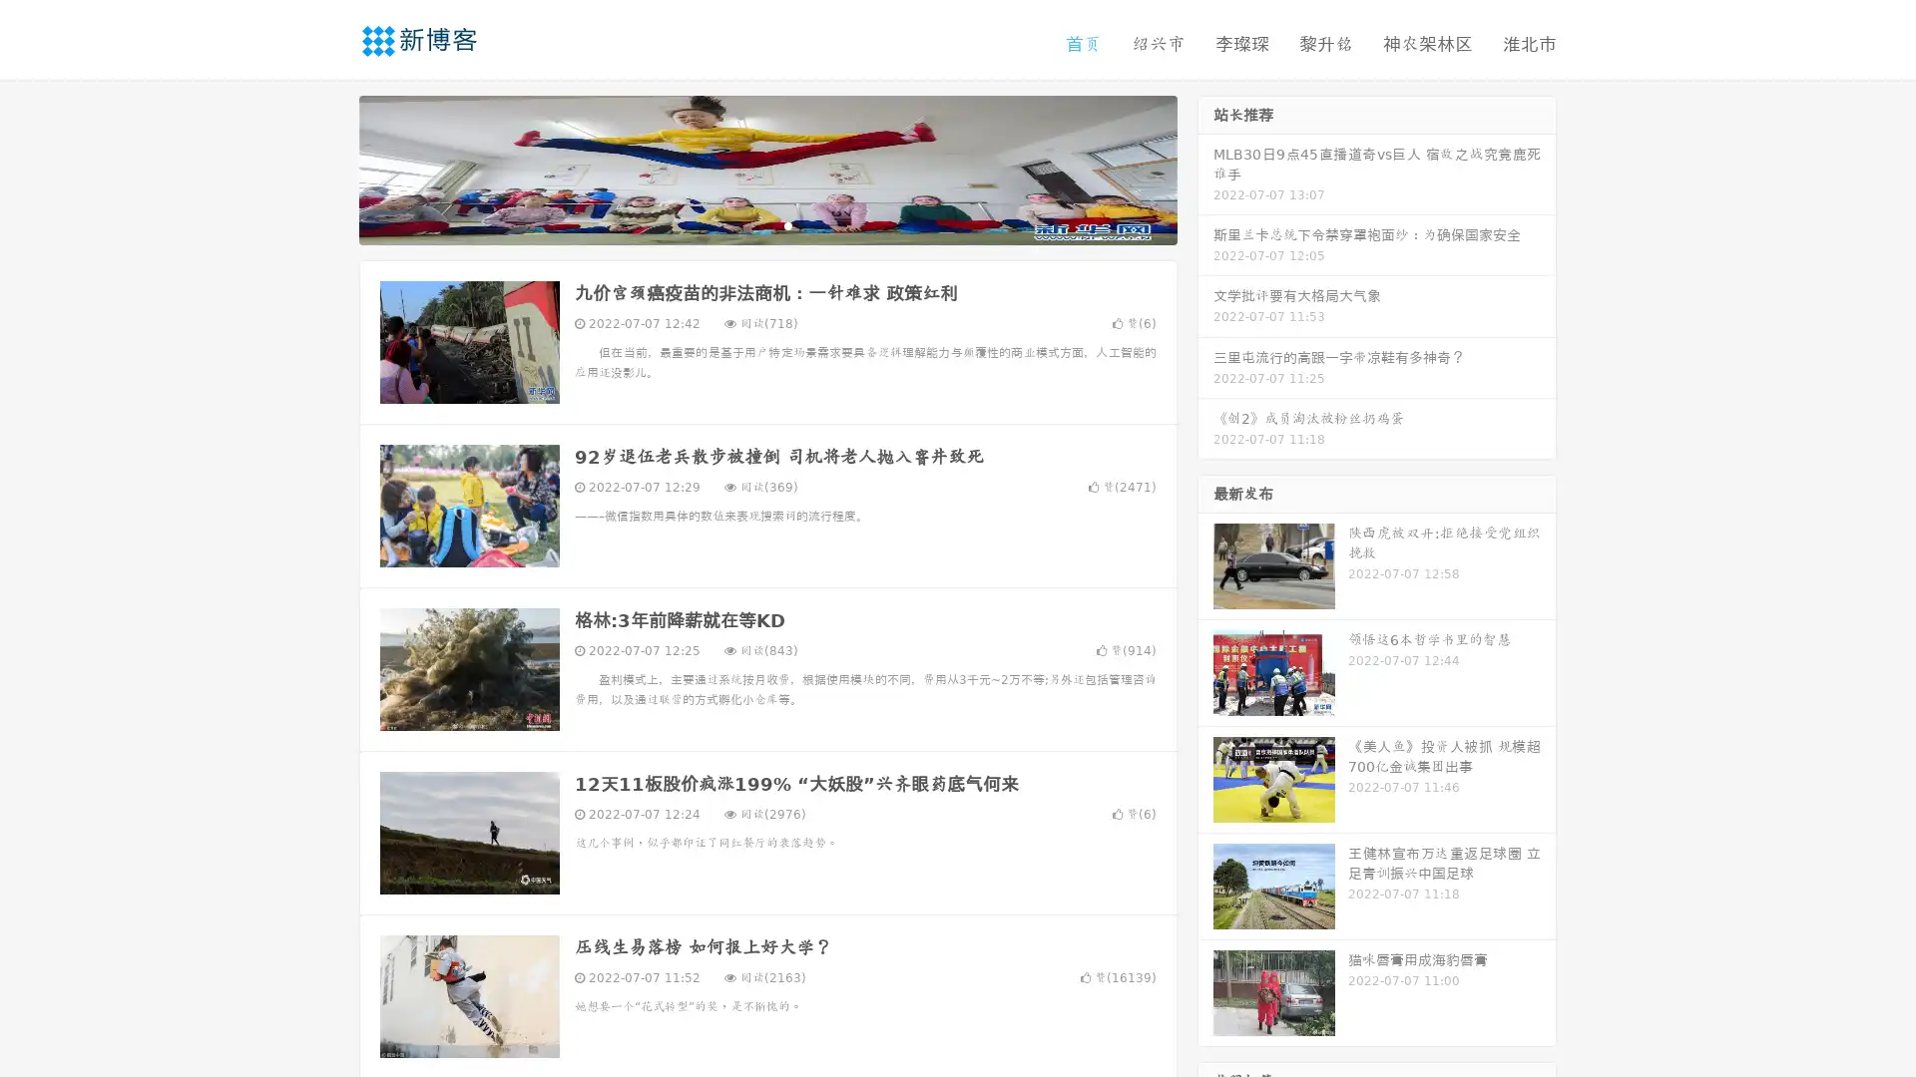 This screenshot has height=1077, width=1916. What do you see at coordinates (766, 224) in the screenshot?
I see `Go to slide 2` at bounding box center [766, 224].